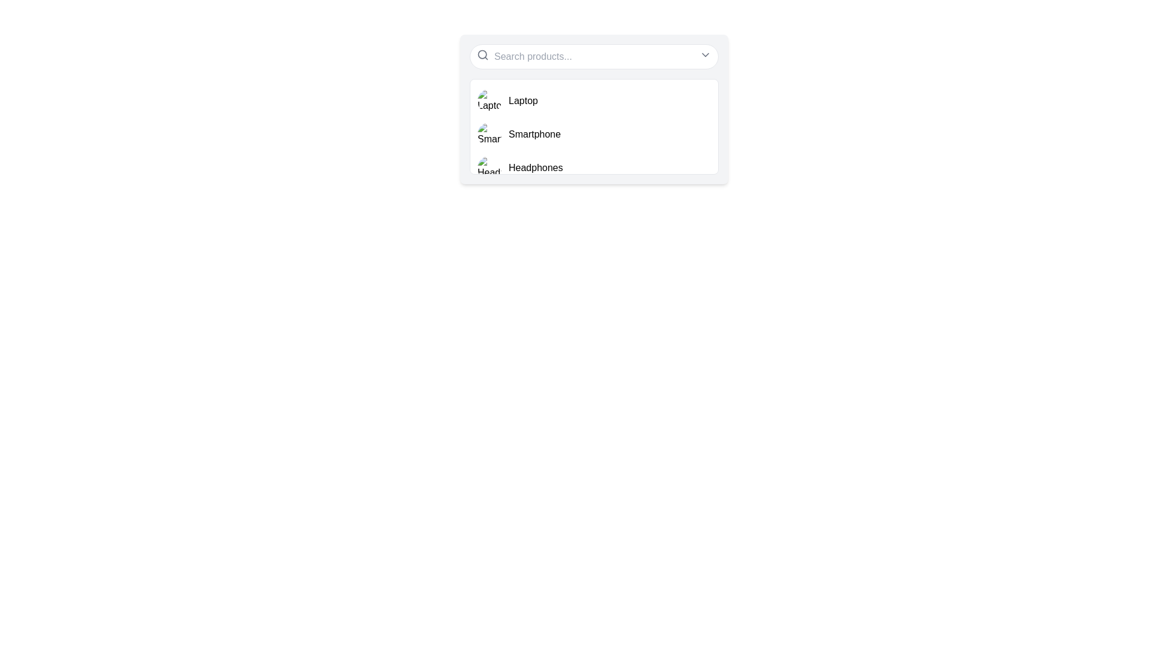 The width and height of the screenshot is (1149, 646). I want to click on the second list item in the dropdown menu that represents the 'Smartphone' category, so click(594, 134).